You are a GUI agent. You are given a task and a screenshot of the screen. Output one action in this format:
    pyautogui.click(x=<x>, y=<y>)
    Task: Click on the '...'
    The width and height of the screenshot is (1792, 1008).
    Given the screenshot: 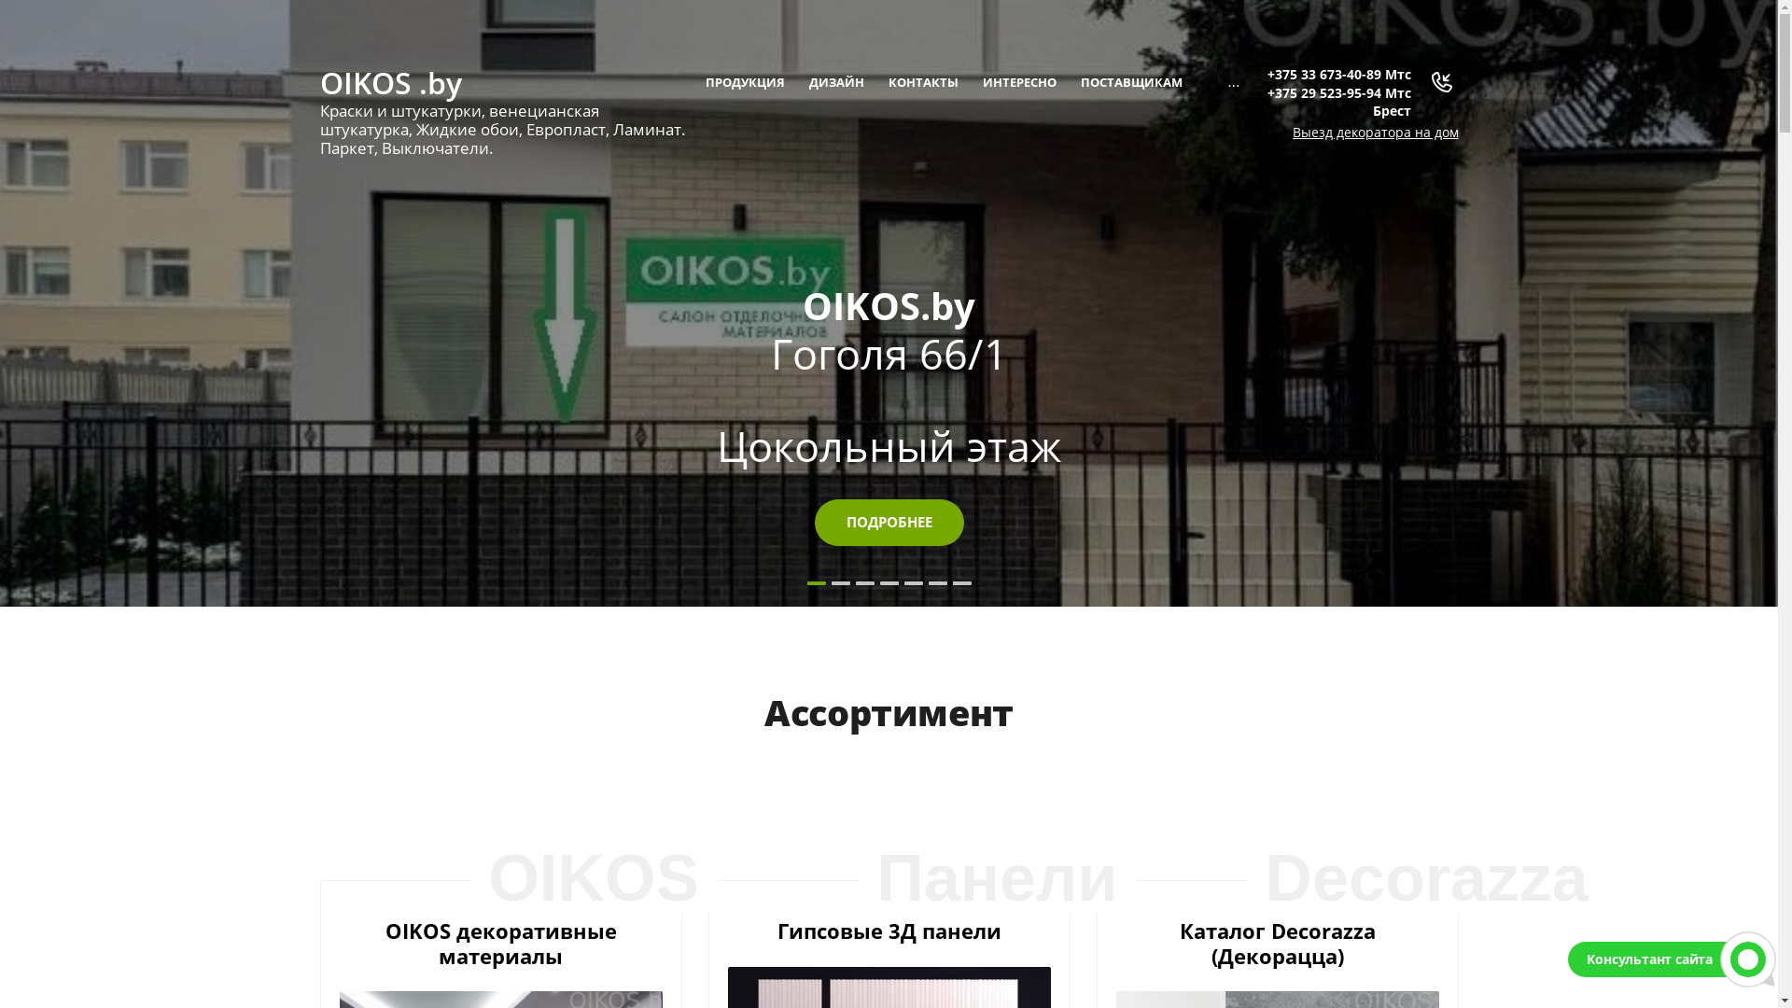 What is the action you would take?
    pyautogui.click(x=1218, y=81)
    